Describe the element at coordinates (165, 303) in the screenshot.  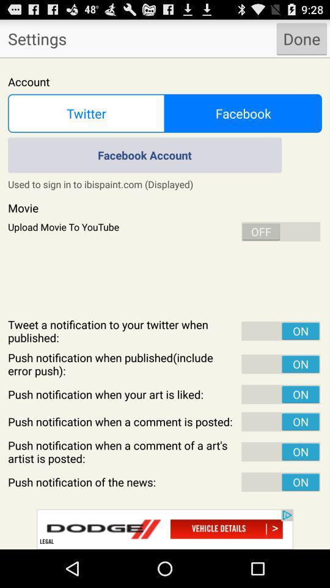
I see `change settings` at that location.